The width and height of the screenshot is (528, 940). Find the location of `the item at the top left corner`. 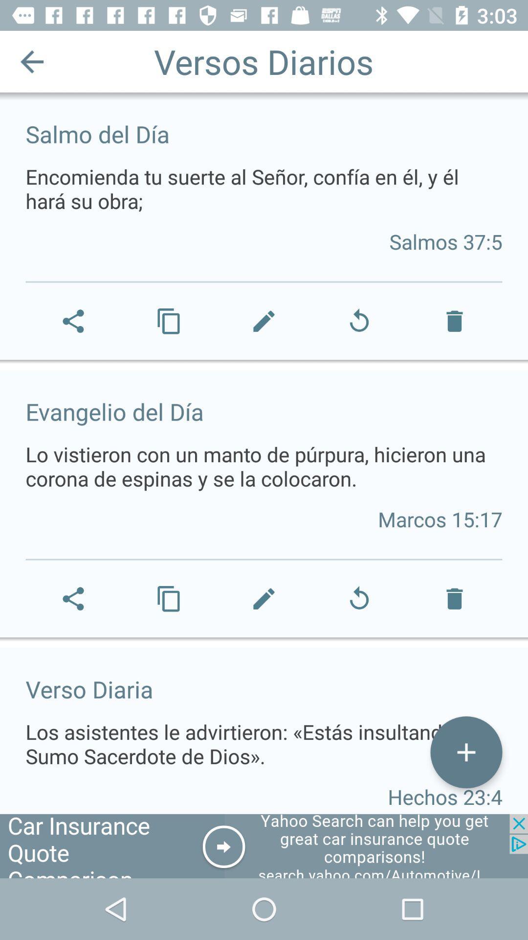

the item at the top left corner is located at coordinates (31, 61).